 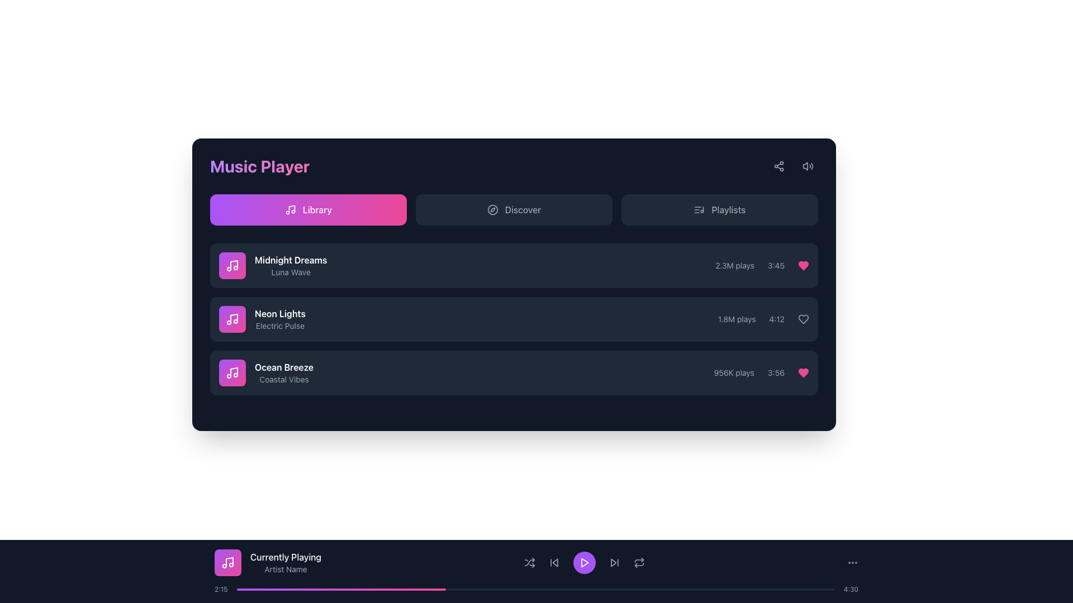 What do you see at coordinates (232, 265) in the screenshot?
I see `the music track icon located in the top-left section of the music player interface` at bounding box center [232, 265].